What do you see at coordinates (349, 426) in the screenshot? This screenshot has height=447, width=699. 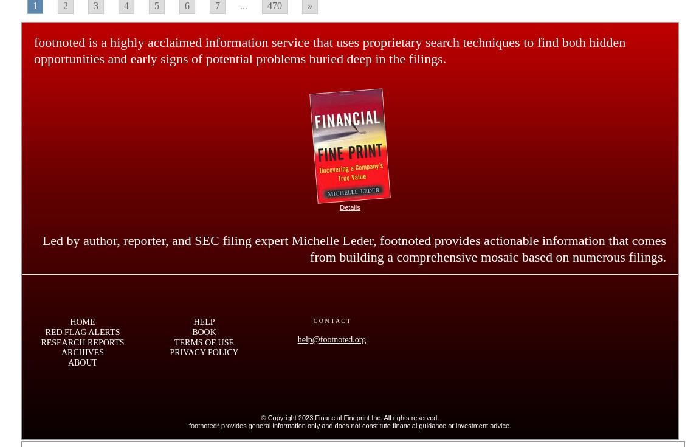 I see `'footnoted* provides general information only and does not constitute financial guidance or investment advice.'` at bounding box center [349, 426].